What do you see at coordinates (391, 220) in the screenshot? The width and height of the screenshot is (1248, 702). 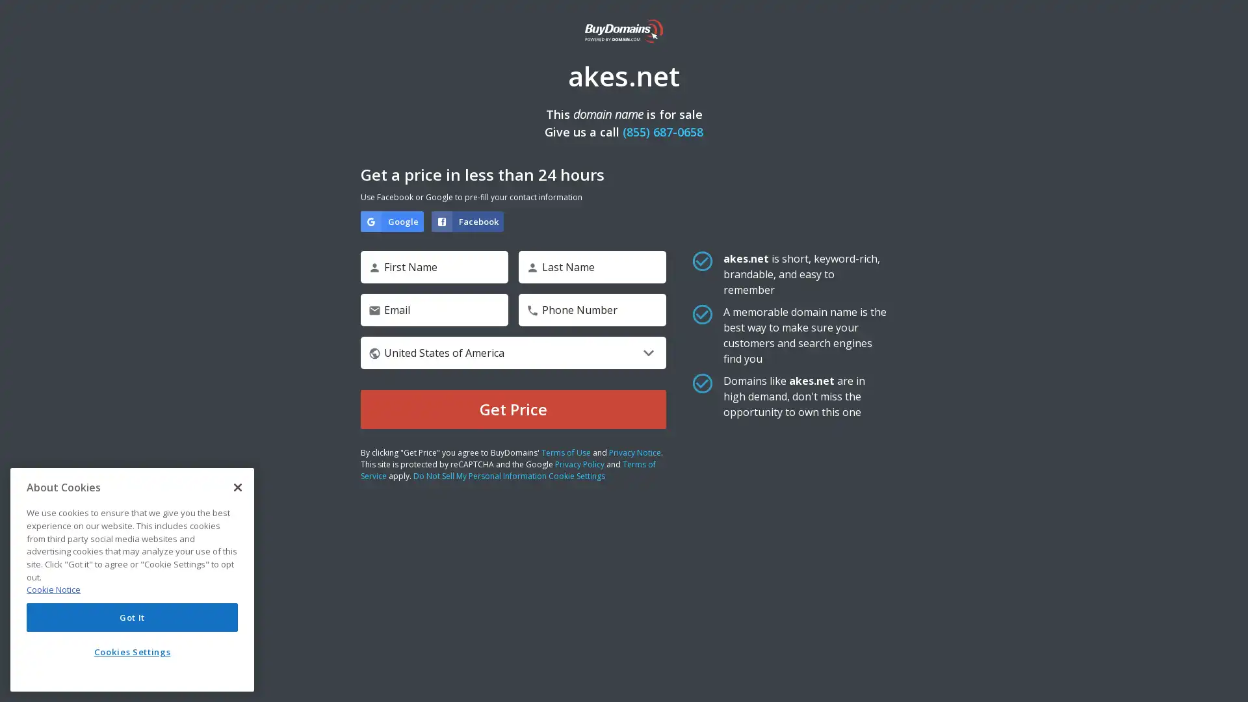 I see `Google` at bounding box center [391, 220].